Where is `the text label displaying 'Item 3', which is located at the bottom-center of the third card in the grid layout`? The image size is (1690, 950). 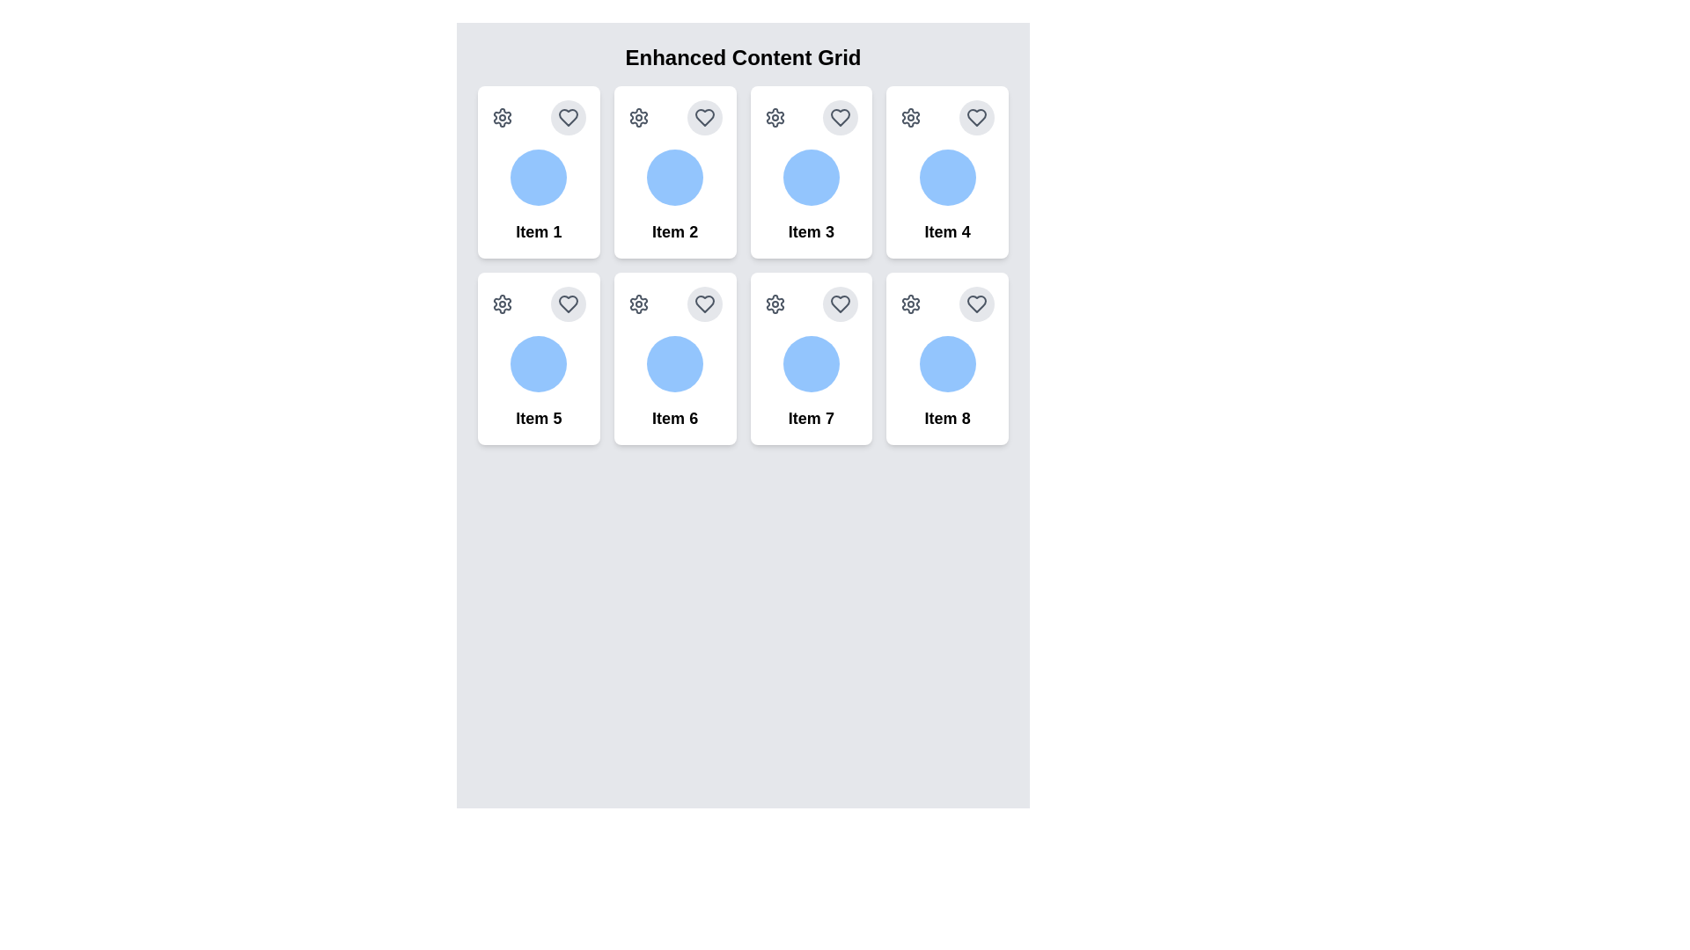
the text label displaying 'Item 3', which is located at the bottom-center of the third card in the grid layout is located at coordinates (810, 230).